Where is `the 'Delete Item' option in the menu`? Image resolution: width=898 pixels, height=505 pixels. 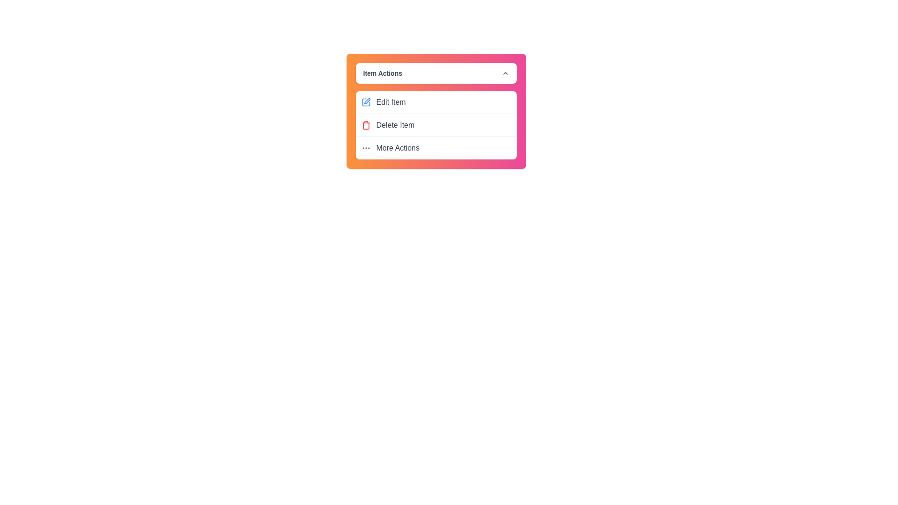 the 'Delete Item' option in the menu is located at coordinates (435, 124).